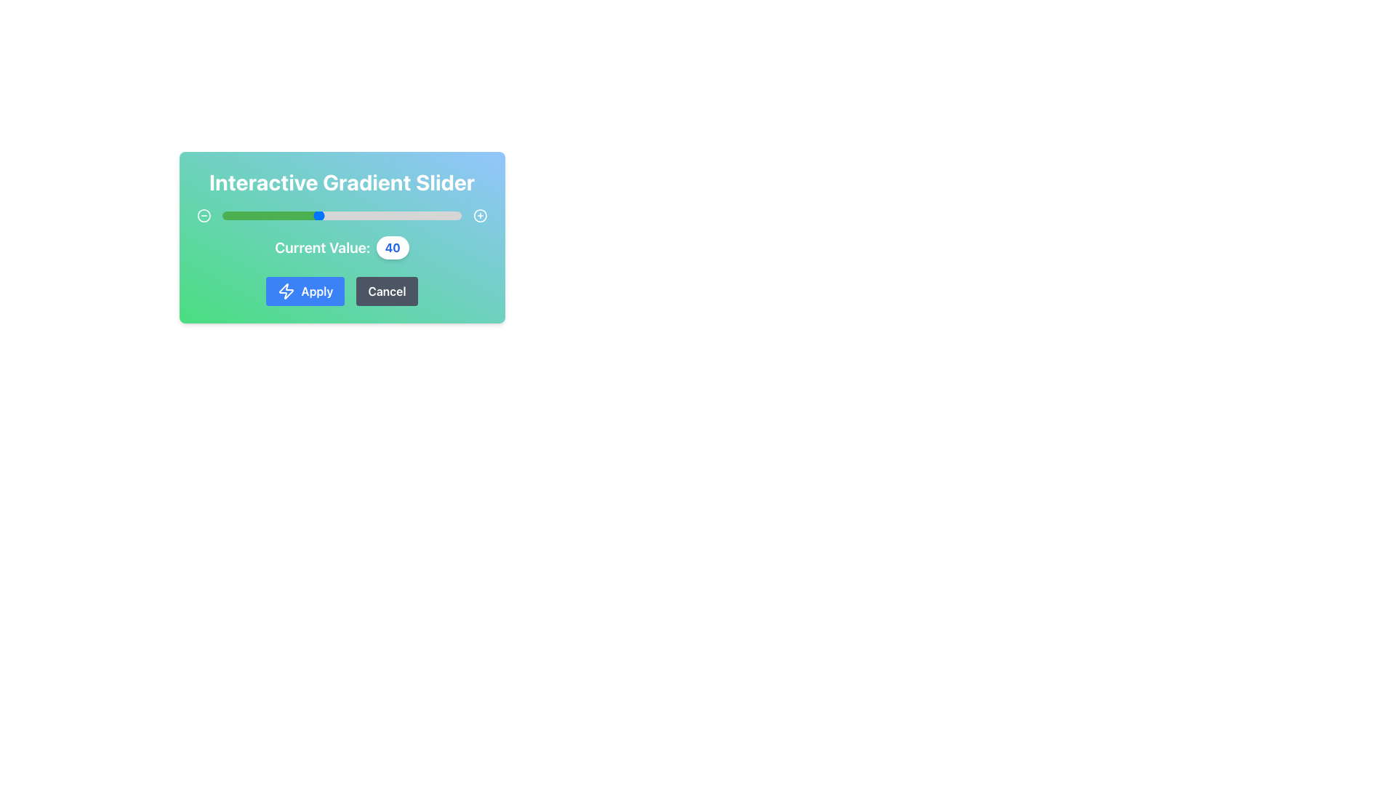  What do you see at coordinates (286, 291) in the screenshot?
I see `the 'Apply' button which contains the icon located to its left, symbolizing action or process` at bounding box center [286, 291].